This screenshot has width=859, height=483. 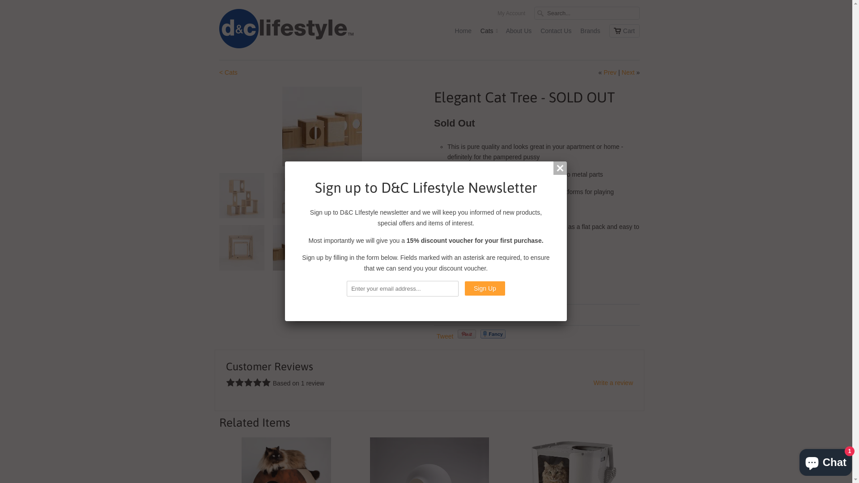 What do you see at coordinates (445, 336) in the screenshot?
I see `'Tweet'` at bounding box center [445, 336].